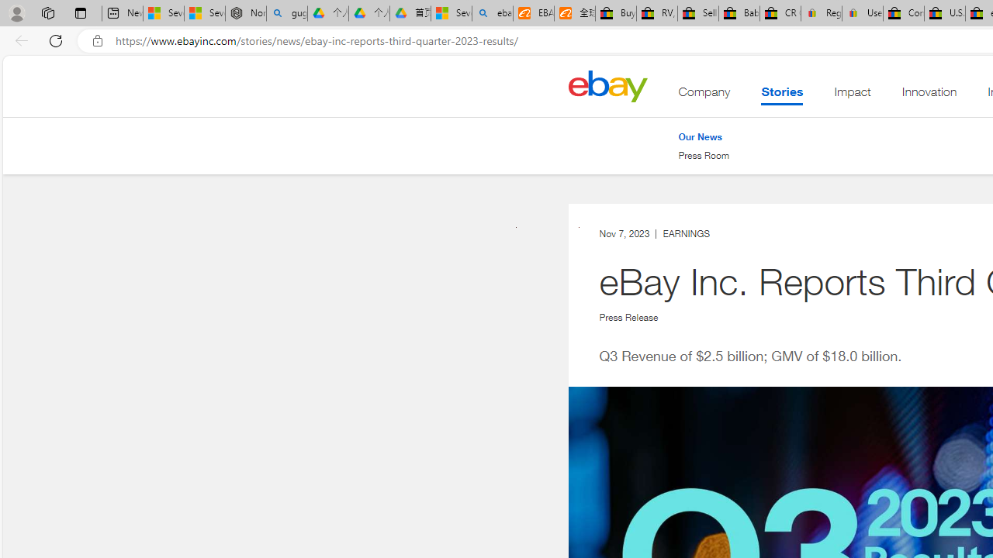 The height and width of the screenshot is (558, 993). Describe the element at coordinates (861, 13) in the screenshot. I see `'User Privacy Notice | eBay'` at that location.